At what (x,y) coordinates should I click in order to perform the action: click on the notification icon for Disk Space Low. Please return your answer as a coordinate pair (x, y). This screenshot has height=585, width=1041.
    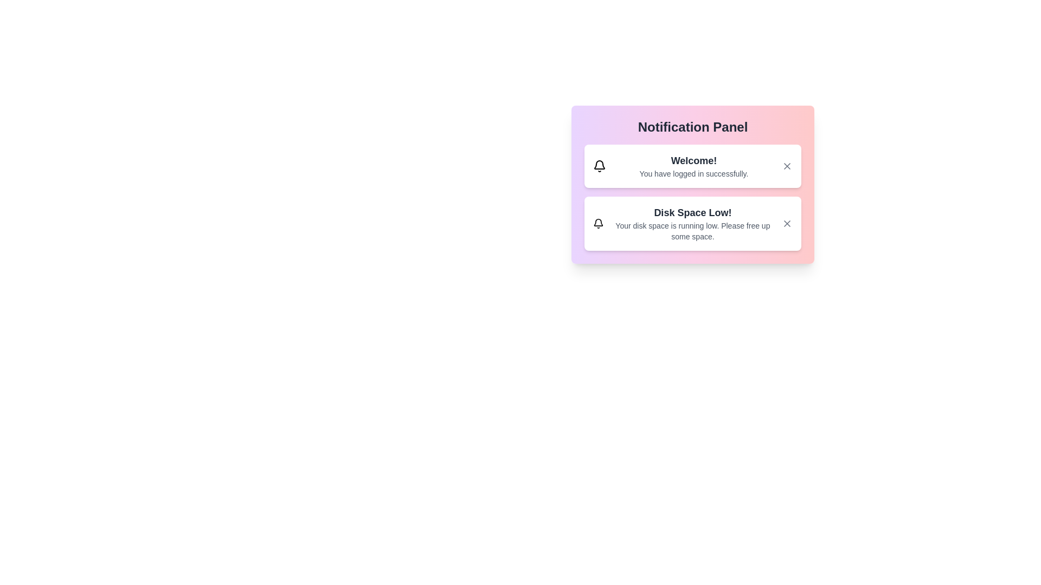
    Looking at the image, I should click on (597, 223).